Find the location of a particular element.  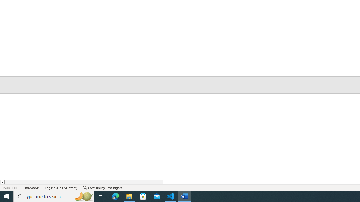

'Search highlights icon opens search home window' is located at coordinates (83, 196).